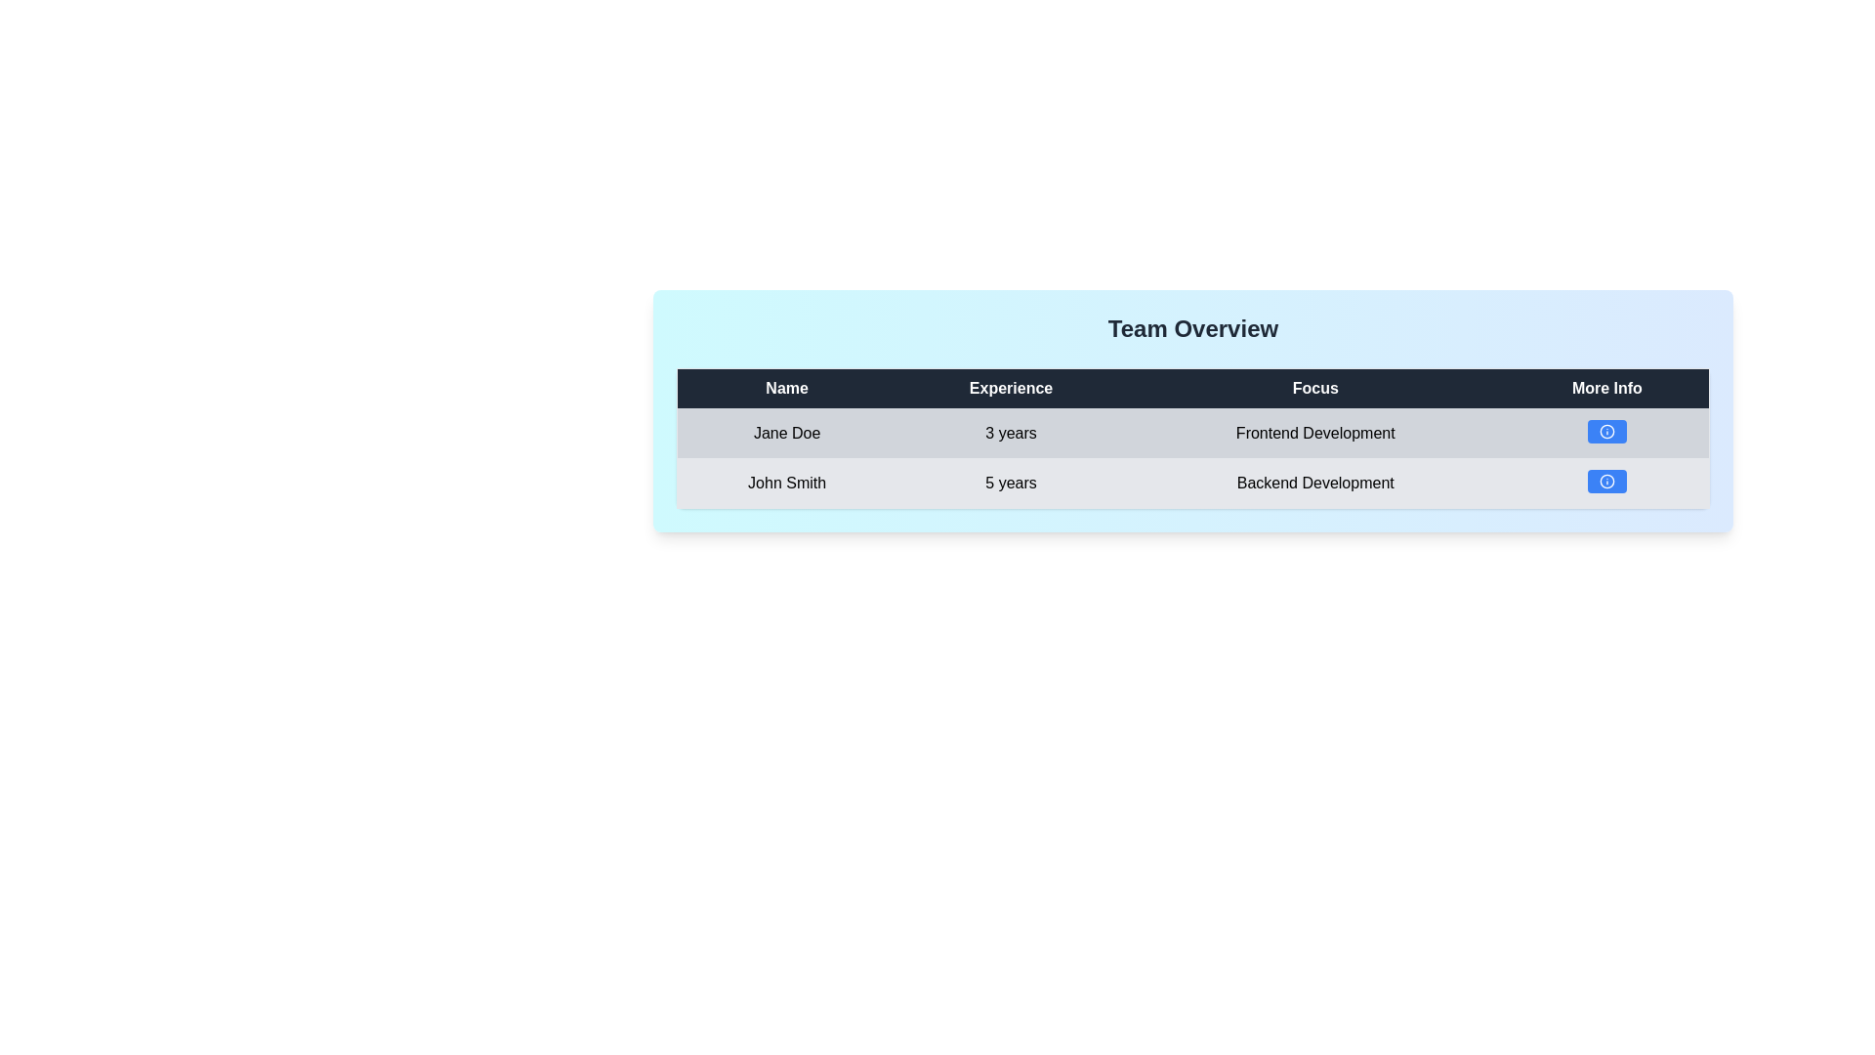 This screenshot has height=1055, width=1875. I want to click on the blue circular button with a white information icon located in the last column of the second row under the 'More Info' column, so click(1607, 483).